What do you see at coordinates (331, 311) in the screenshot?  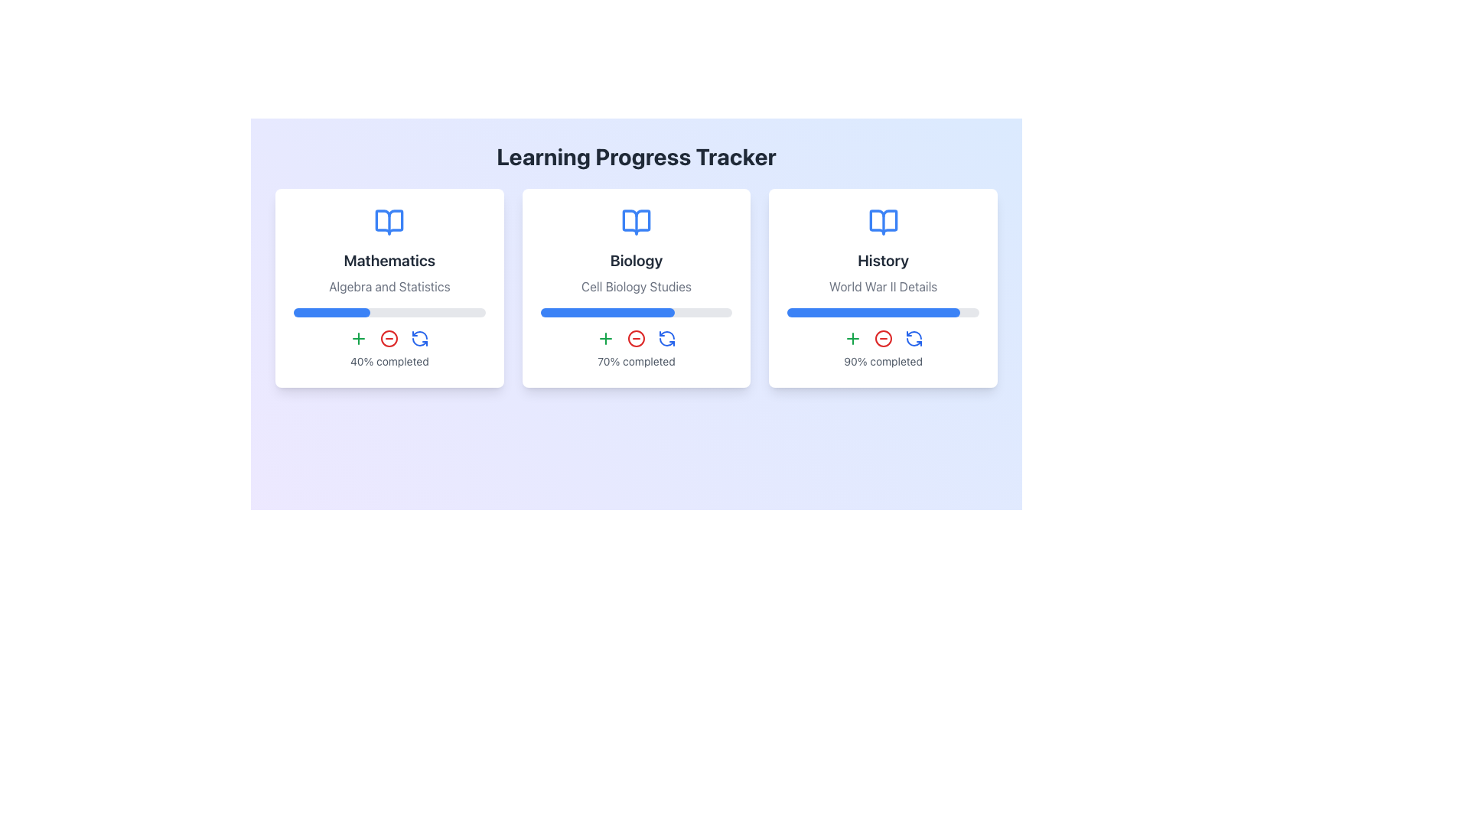 I see `the progress represented by the segment of the progress bar for the Mathematics course, which fills the first 40% of the bar` at bounding box center [331, 311].